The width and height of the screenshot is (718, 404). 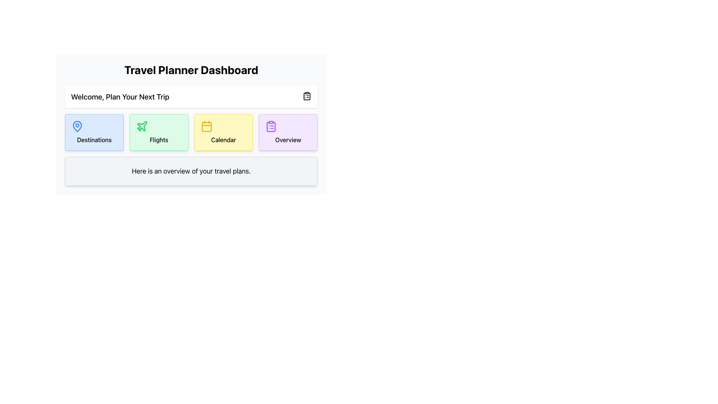 I want to click on the map pin icon located in the southwestern segment of the 'Destinations' button area, which represents a location marker, so click(x=77, y=126).